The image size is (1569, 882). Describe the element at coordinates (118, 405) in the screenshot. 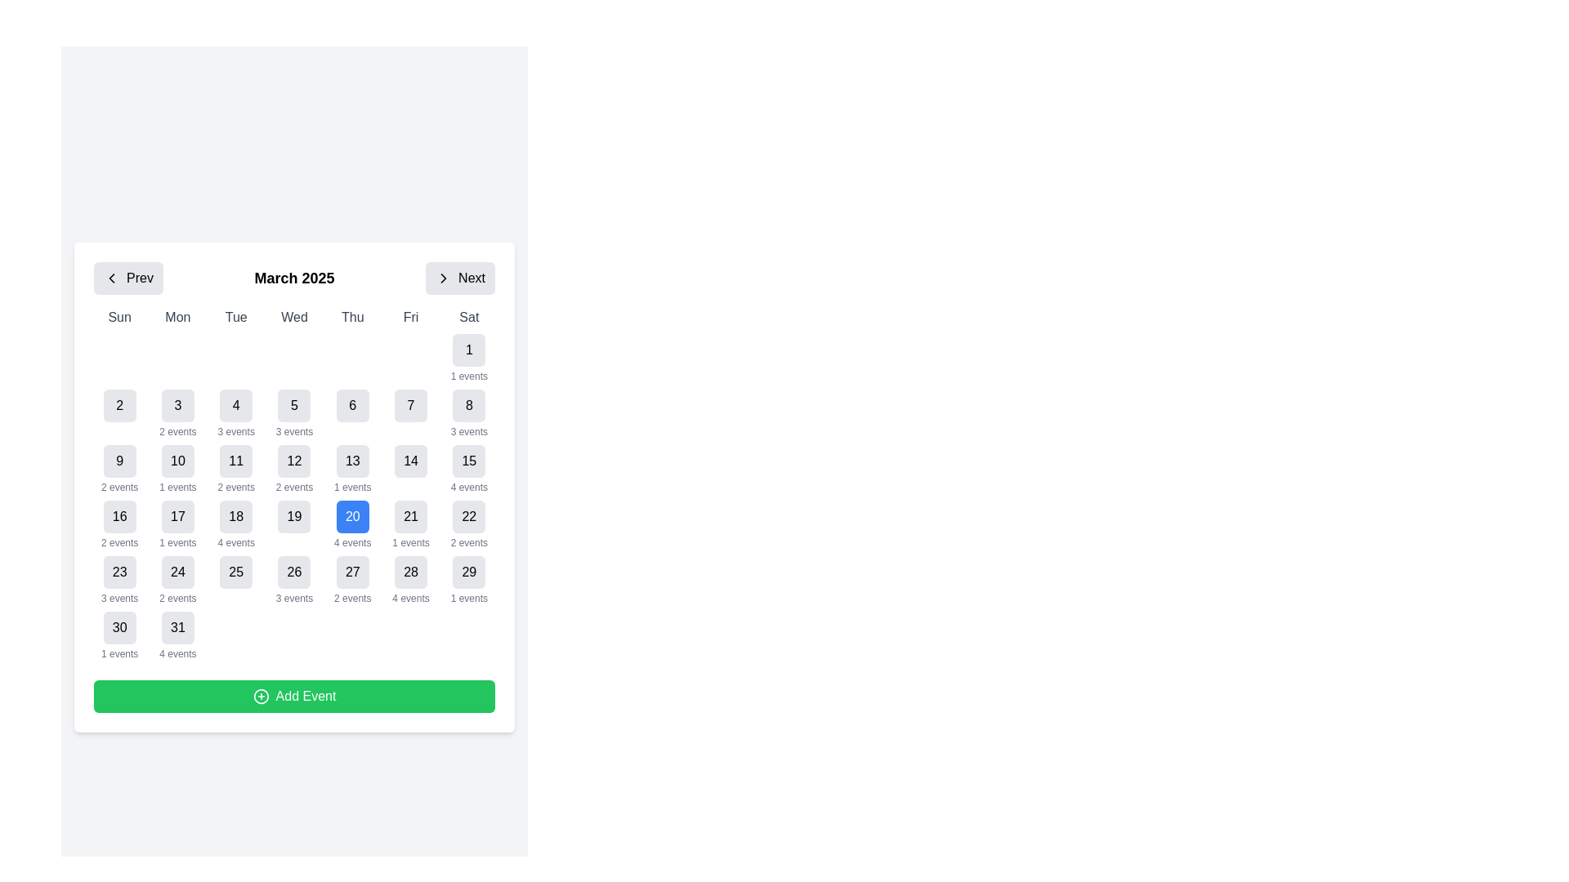

I see `the calendar day cell displaying the number '2'` at that location.